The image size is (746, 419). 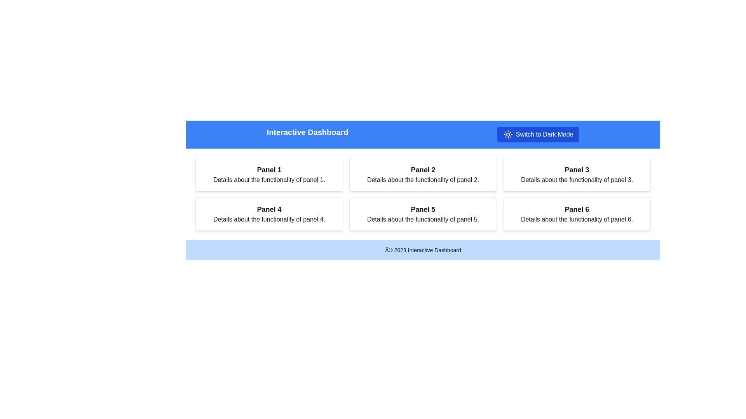 What do you see at coordinates (538, 134) in the screenshot?
I see `the button located on the right side of the horizontal blue navigation bar` at bounding box center [538, 134].